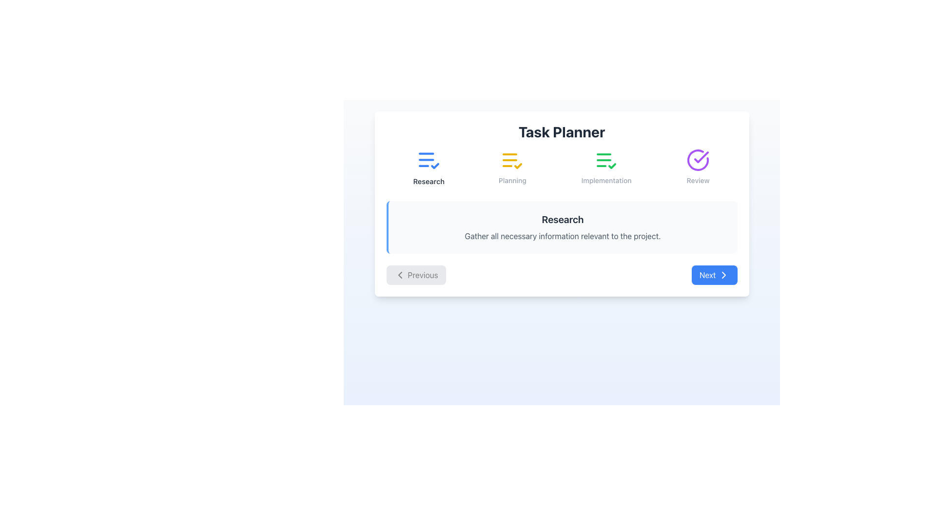 The height and width of the screenshot is (526, 936). I want to click on the 'Planning' icon, which is the second item in a horizontal sequence of four icons labeled 'Research', 'Planning', 'Implementation', and 'Review', so click(512, 167).